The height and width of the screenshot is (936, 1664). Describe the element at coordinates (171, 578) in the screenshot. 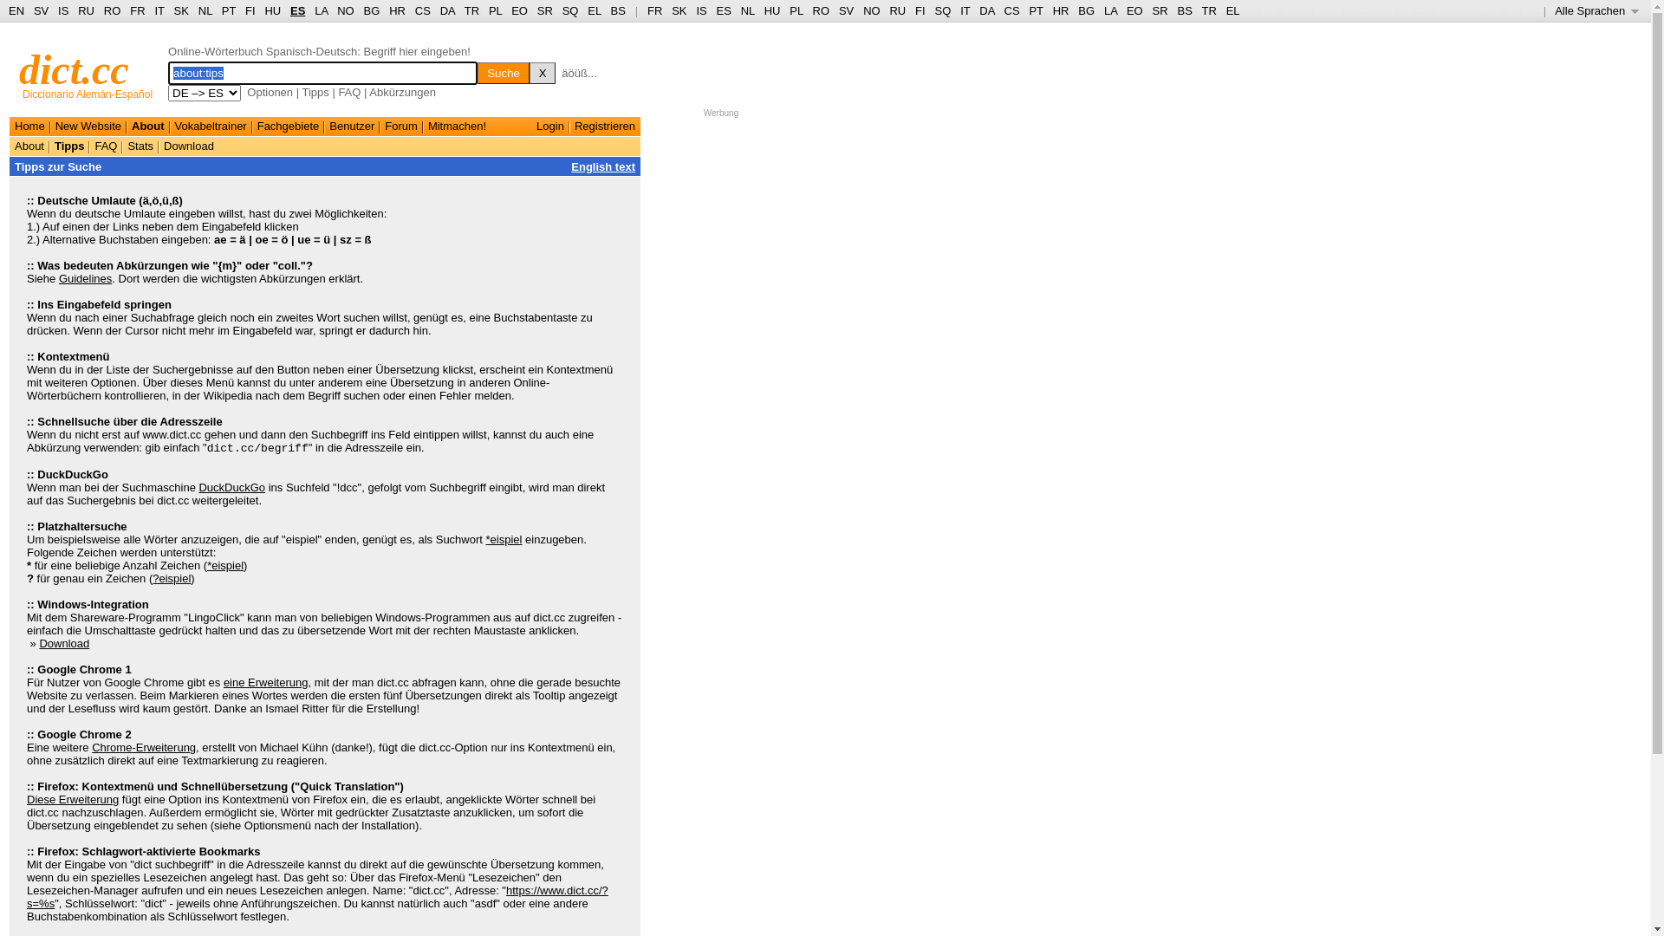

I see `'?eispiel'` at that location.